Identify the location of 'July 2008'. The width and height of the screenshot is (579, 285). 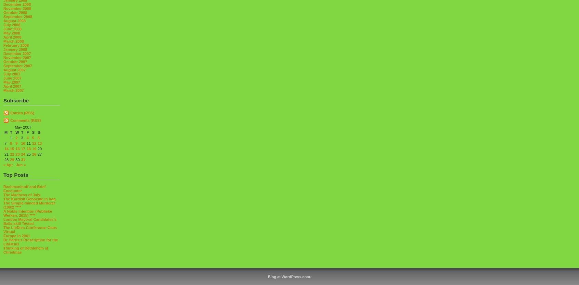
(11, 25).